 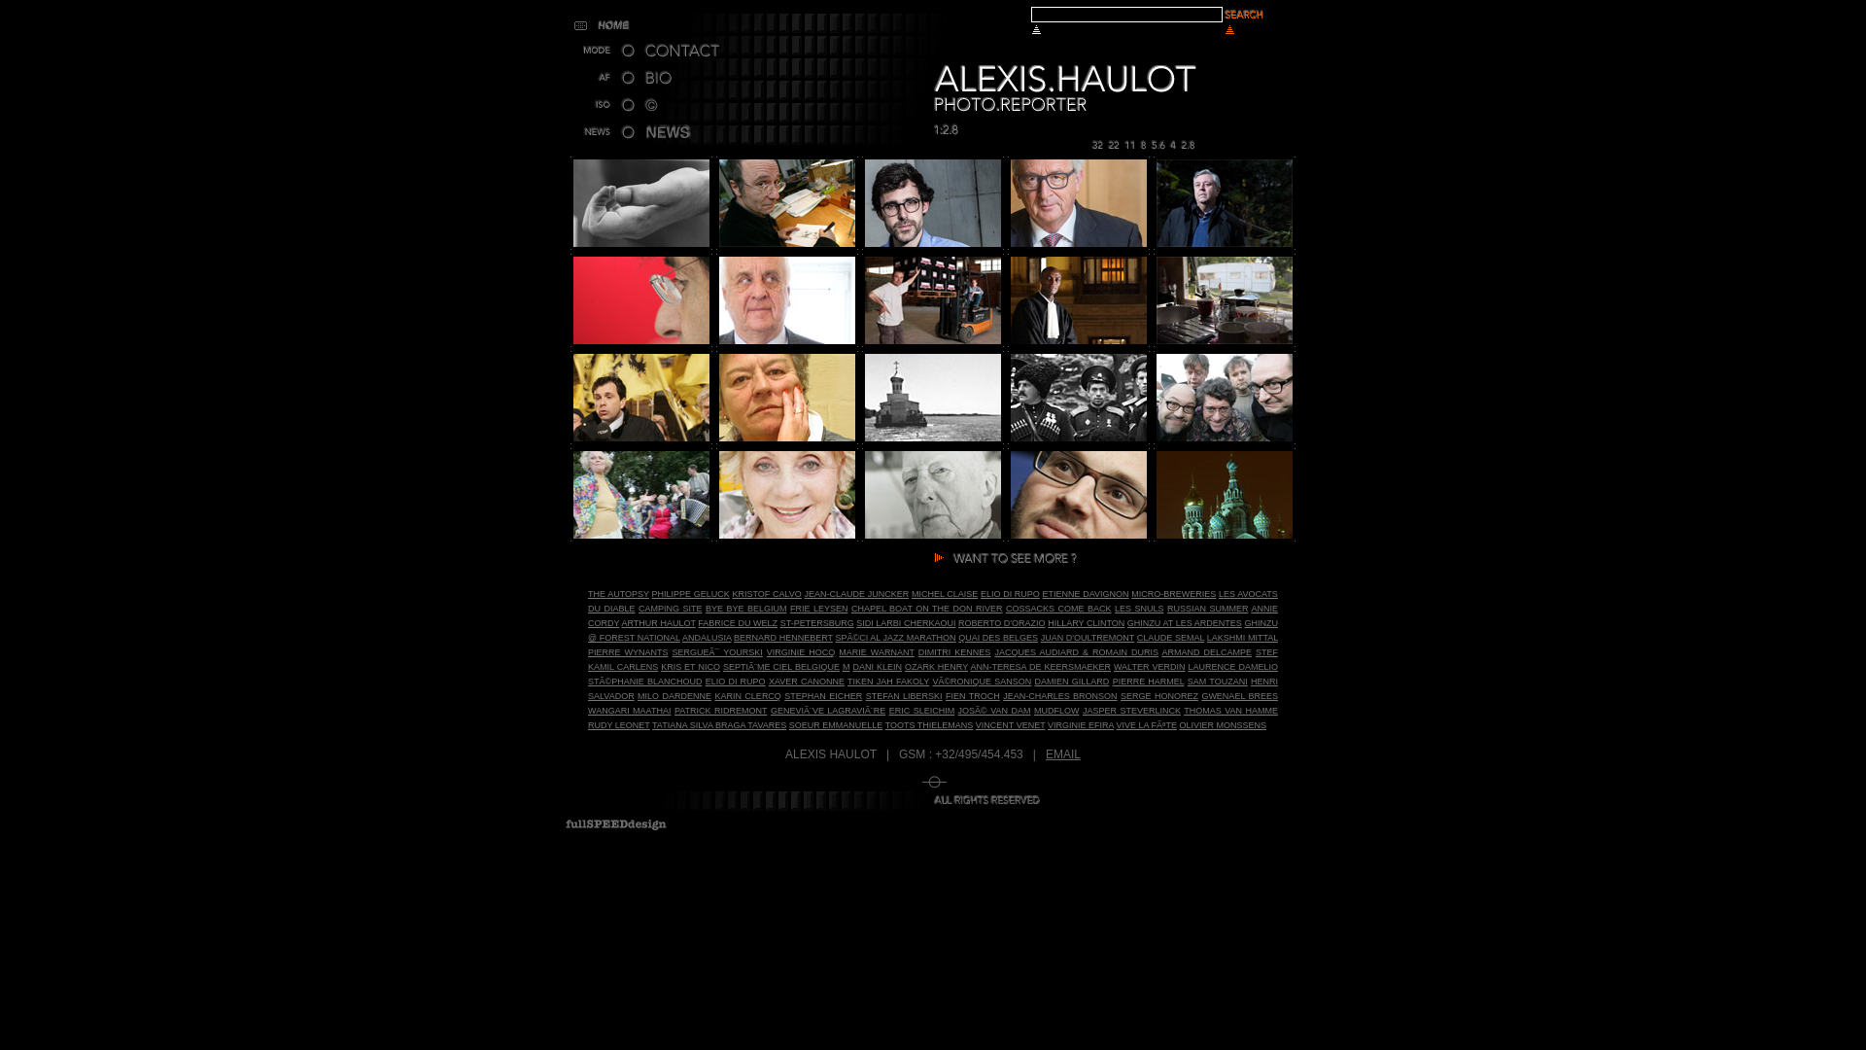 I want to click on 'XAVER CANONNE', so click(x=807, y=681).